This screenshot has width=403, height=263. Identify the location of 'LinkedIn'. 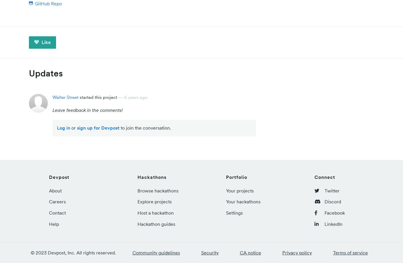
(333, 223).